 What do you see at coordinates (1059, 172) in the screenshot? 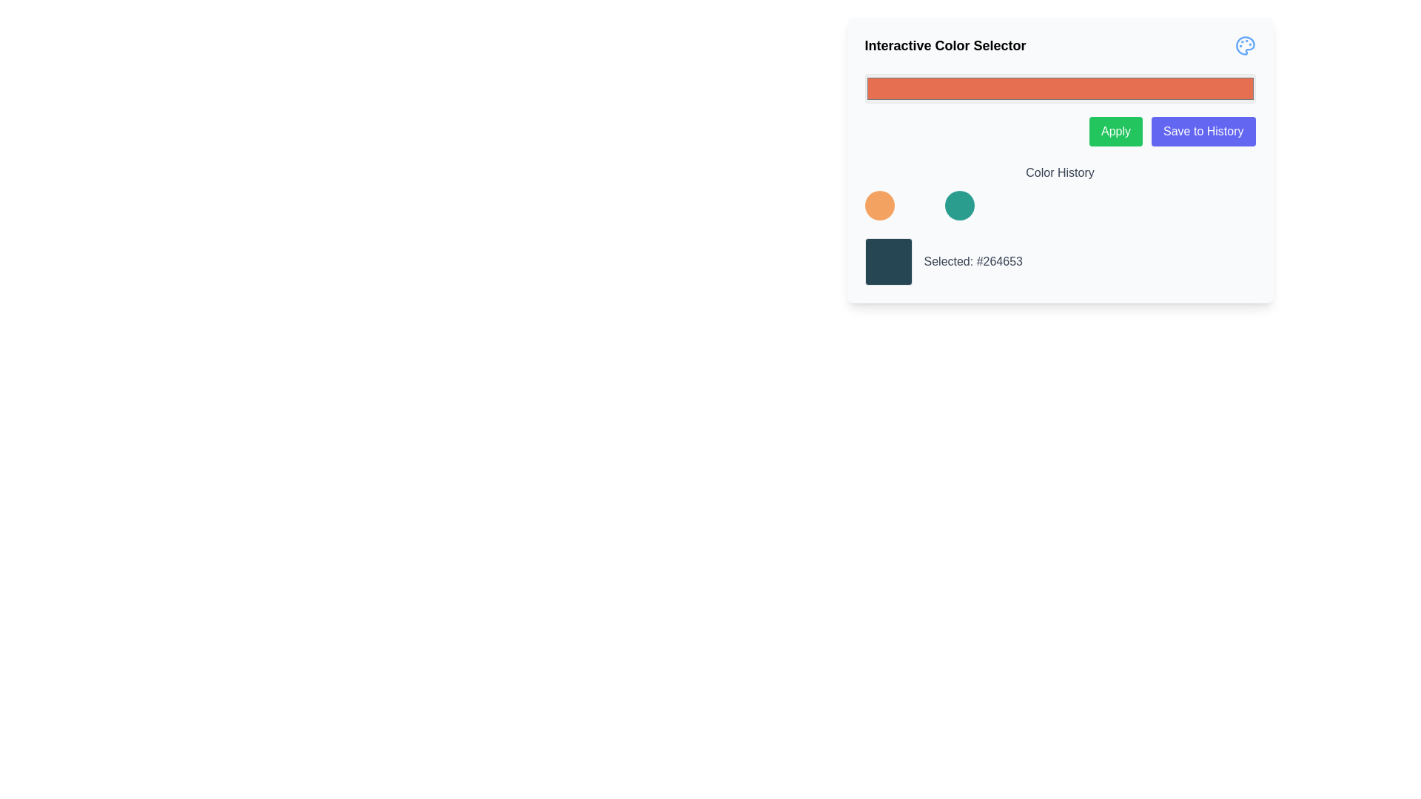
I see `the static text label that describes the color history feature, which is centrally positioned above a group of five circular color elements` at bounding box center [1059, 172].